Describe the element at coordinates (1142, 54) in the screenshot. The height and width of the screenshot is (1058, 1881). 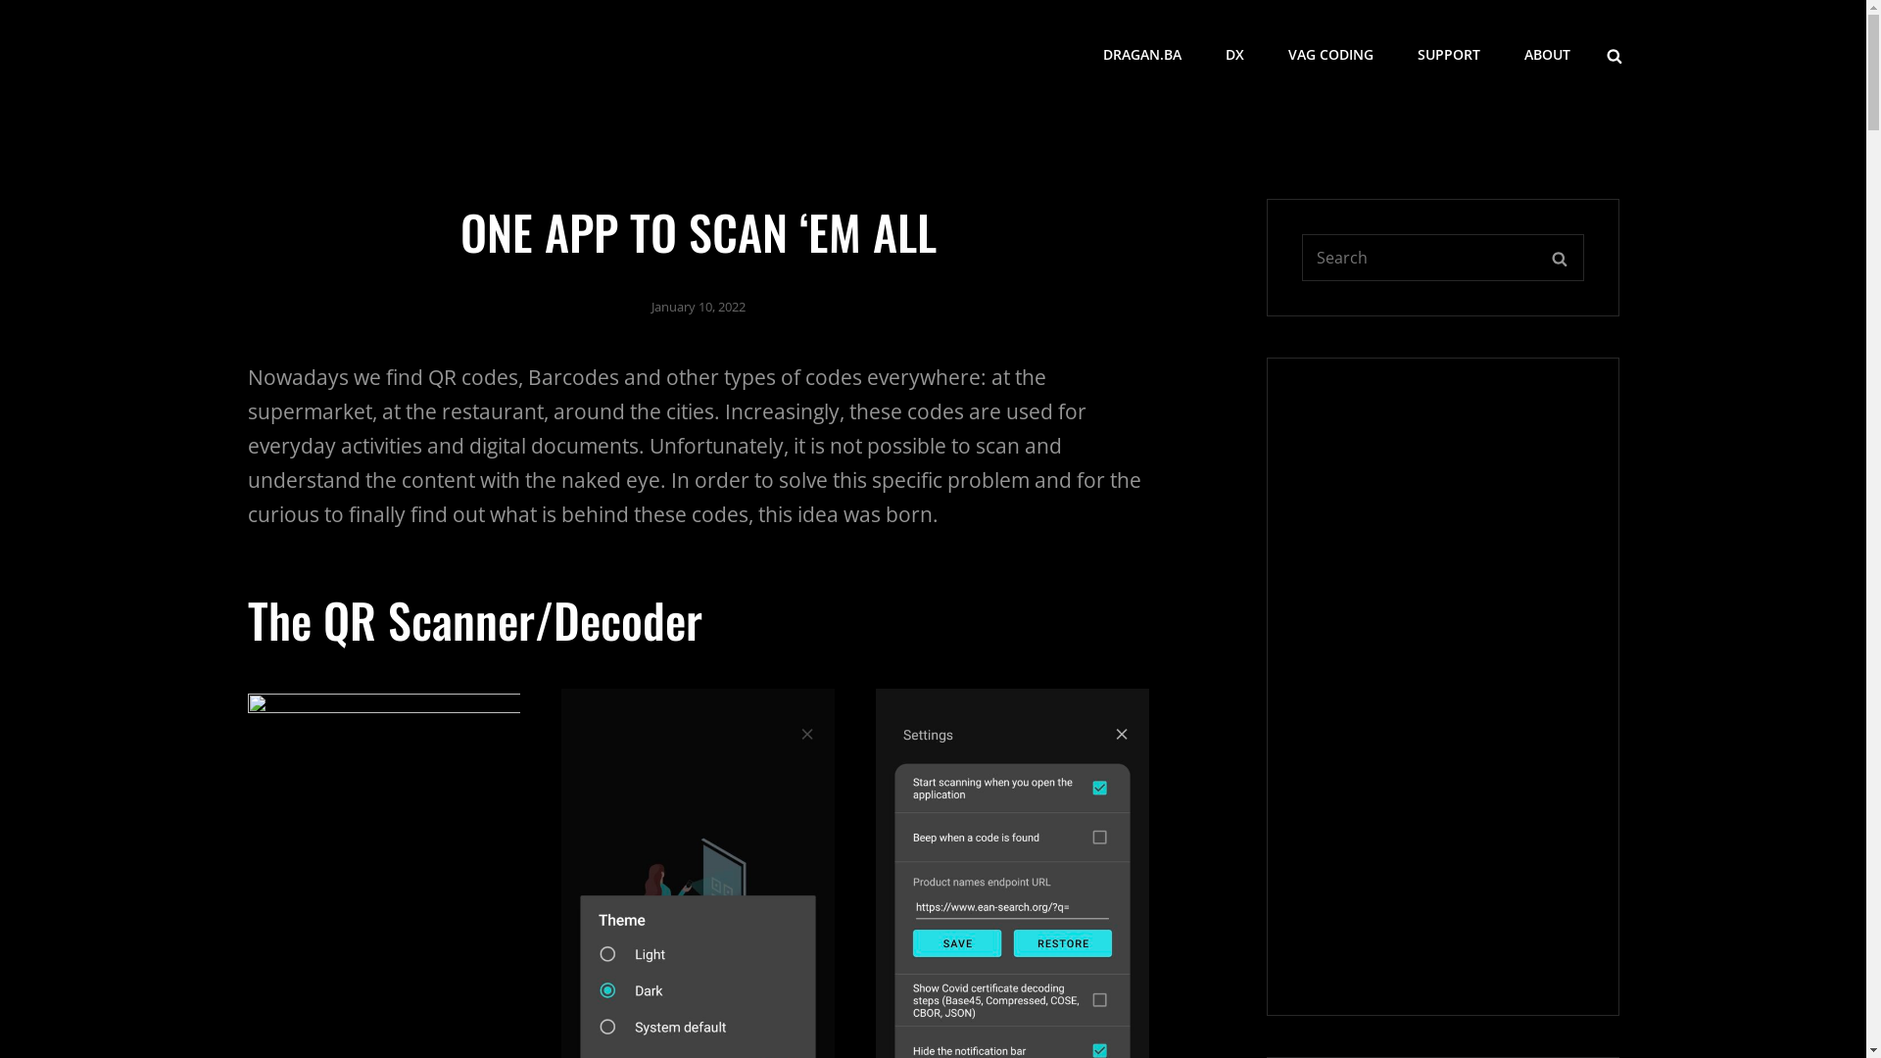
I see `'DRAGAN.BA'` at that location.